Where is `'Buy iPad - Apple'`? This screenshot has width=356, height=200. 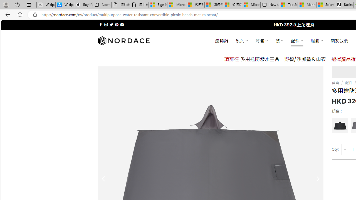 'Buy iPad - Apple' is located at coordinates (83, 5).